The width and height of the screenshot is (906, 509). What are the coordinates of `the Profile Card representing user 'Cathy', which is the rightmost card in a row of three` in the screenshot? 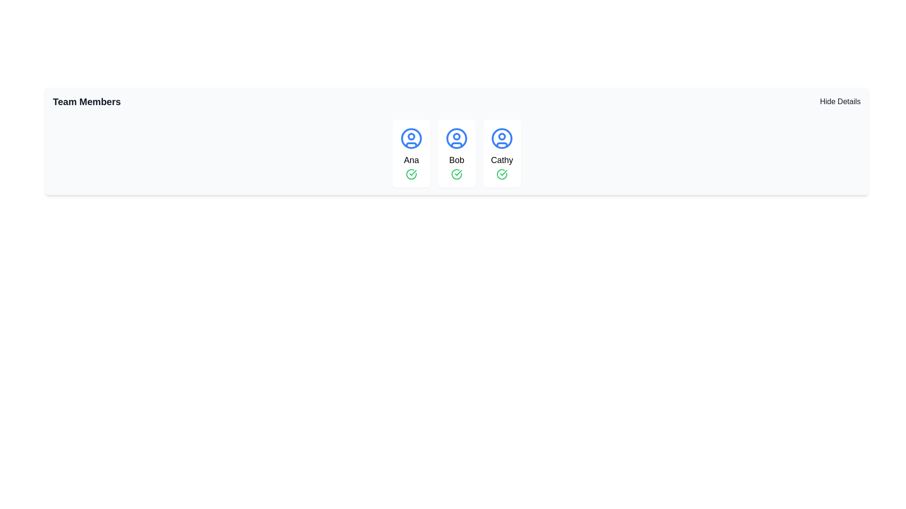 It's located at (502, 153).